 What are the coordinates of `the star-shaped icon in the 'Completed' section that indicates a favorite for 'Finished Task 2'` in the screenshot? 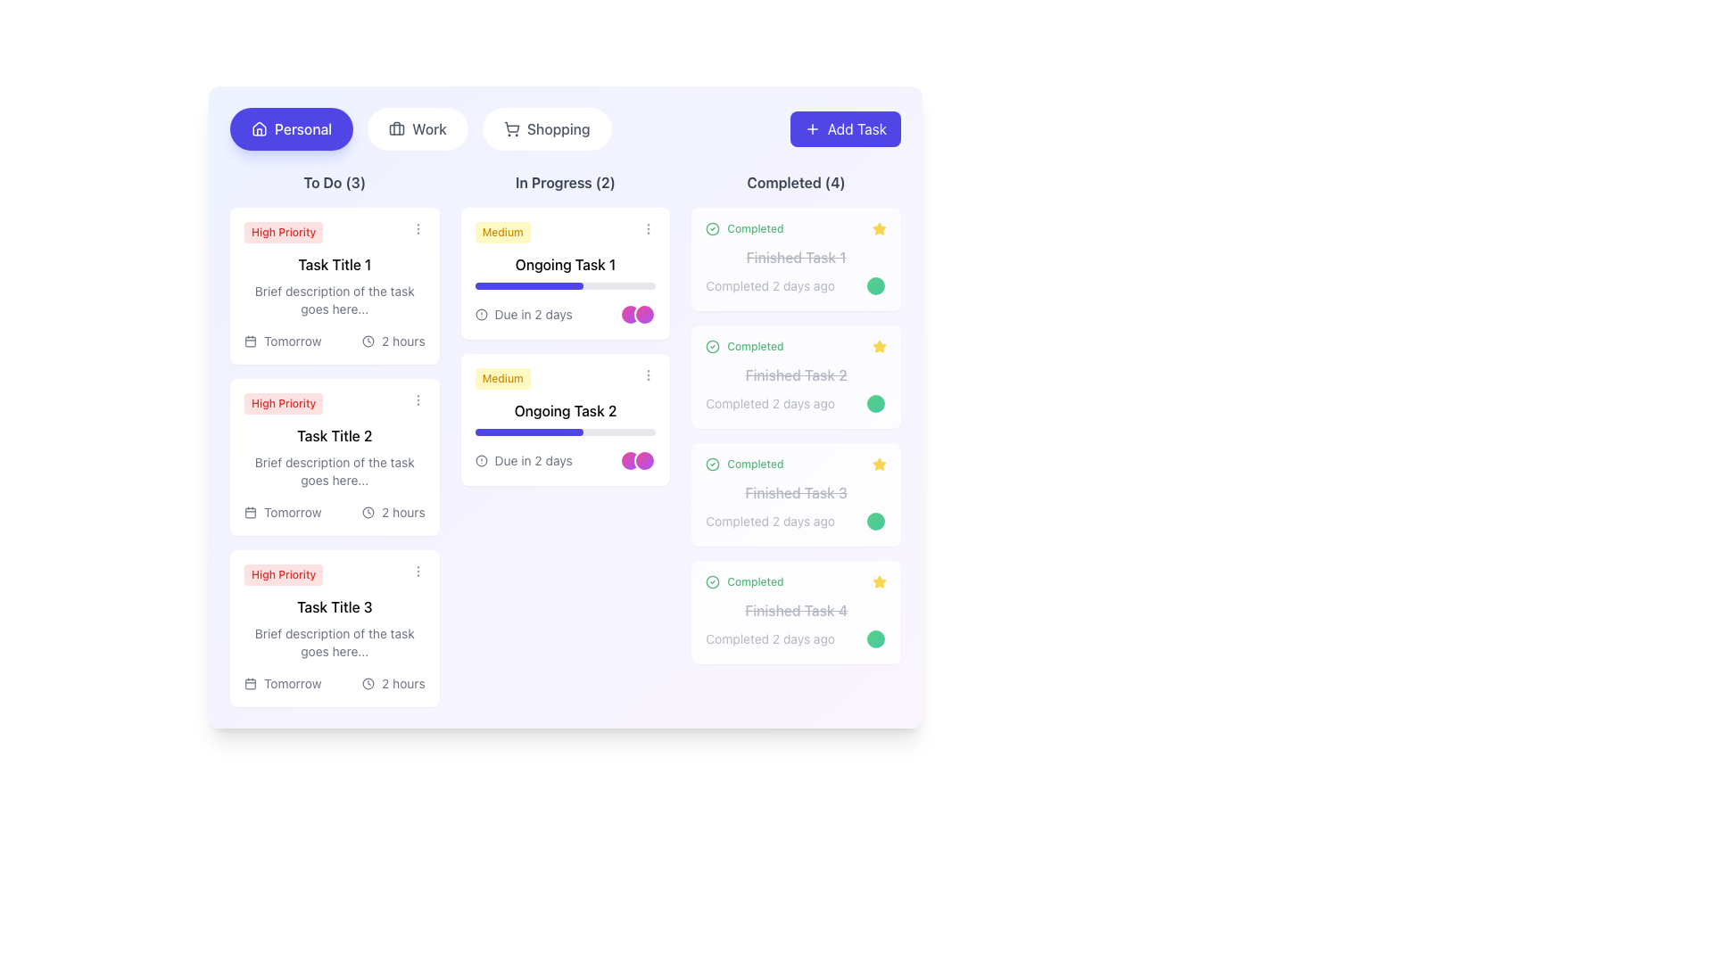 It's located at (879, 347).